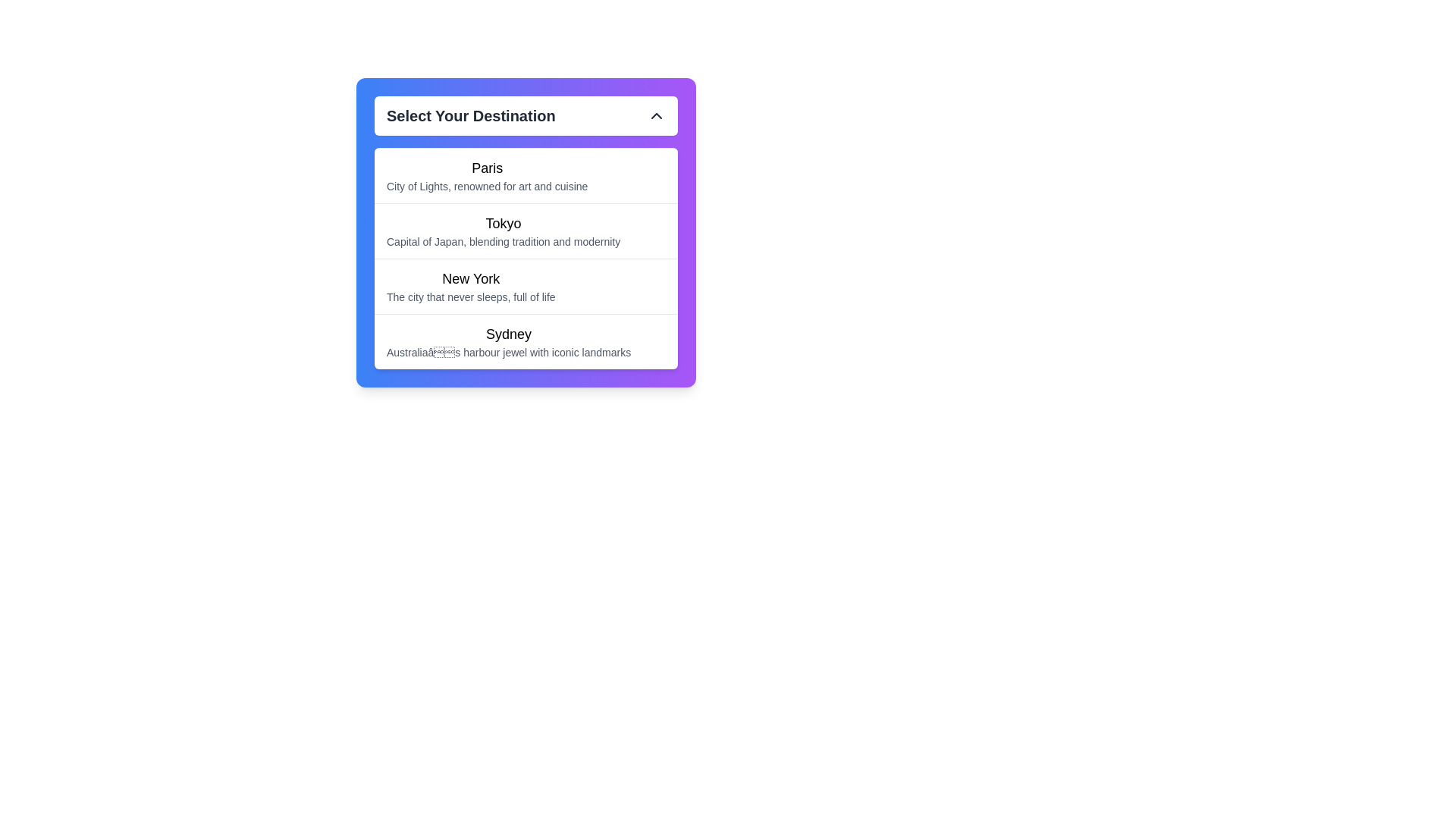  What do you see at coordinates (504, 231) in the screenshot?
I see `the informational text block summarizing key details about 'Tokyo', located between 'Paris' and 'New York' in a vertical list structure` at bounding box center [504, 231].